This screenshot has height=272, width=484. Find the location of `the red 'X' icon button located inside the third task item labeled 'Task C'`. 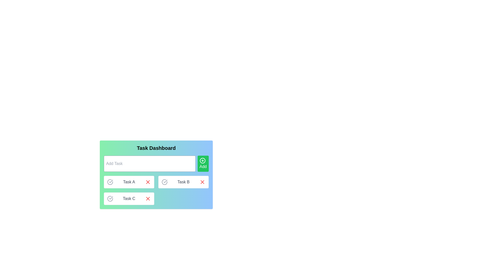

the red 'X' icon button located inside the third task item labeled 'Task C' is located at coordinates (147, 198).